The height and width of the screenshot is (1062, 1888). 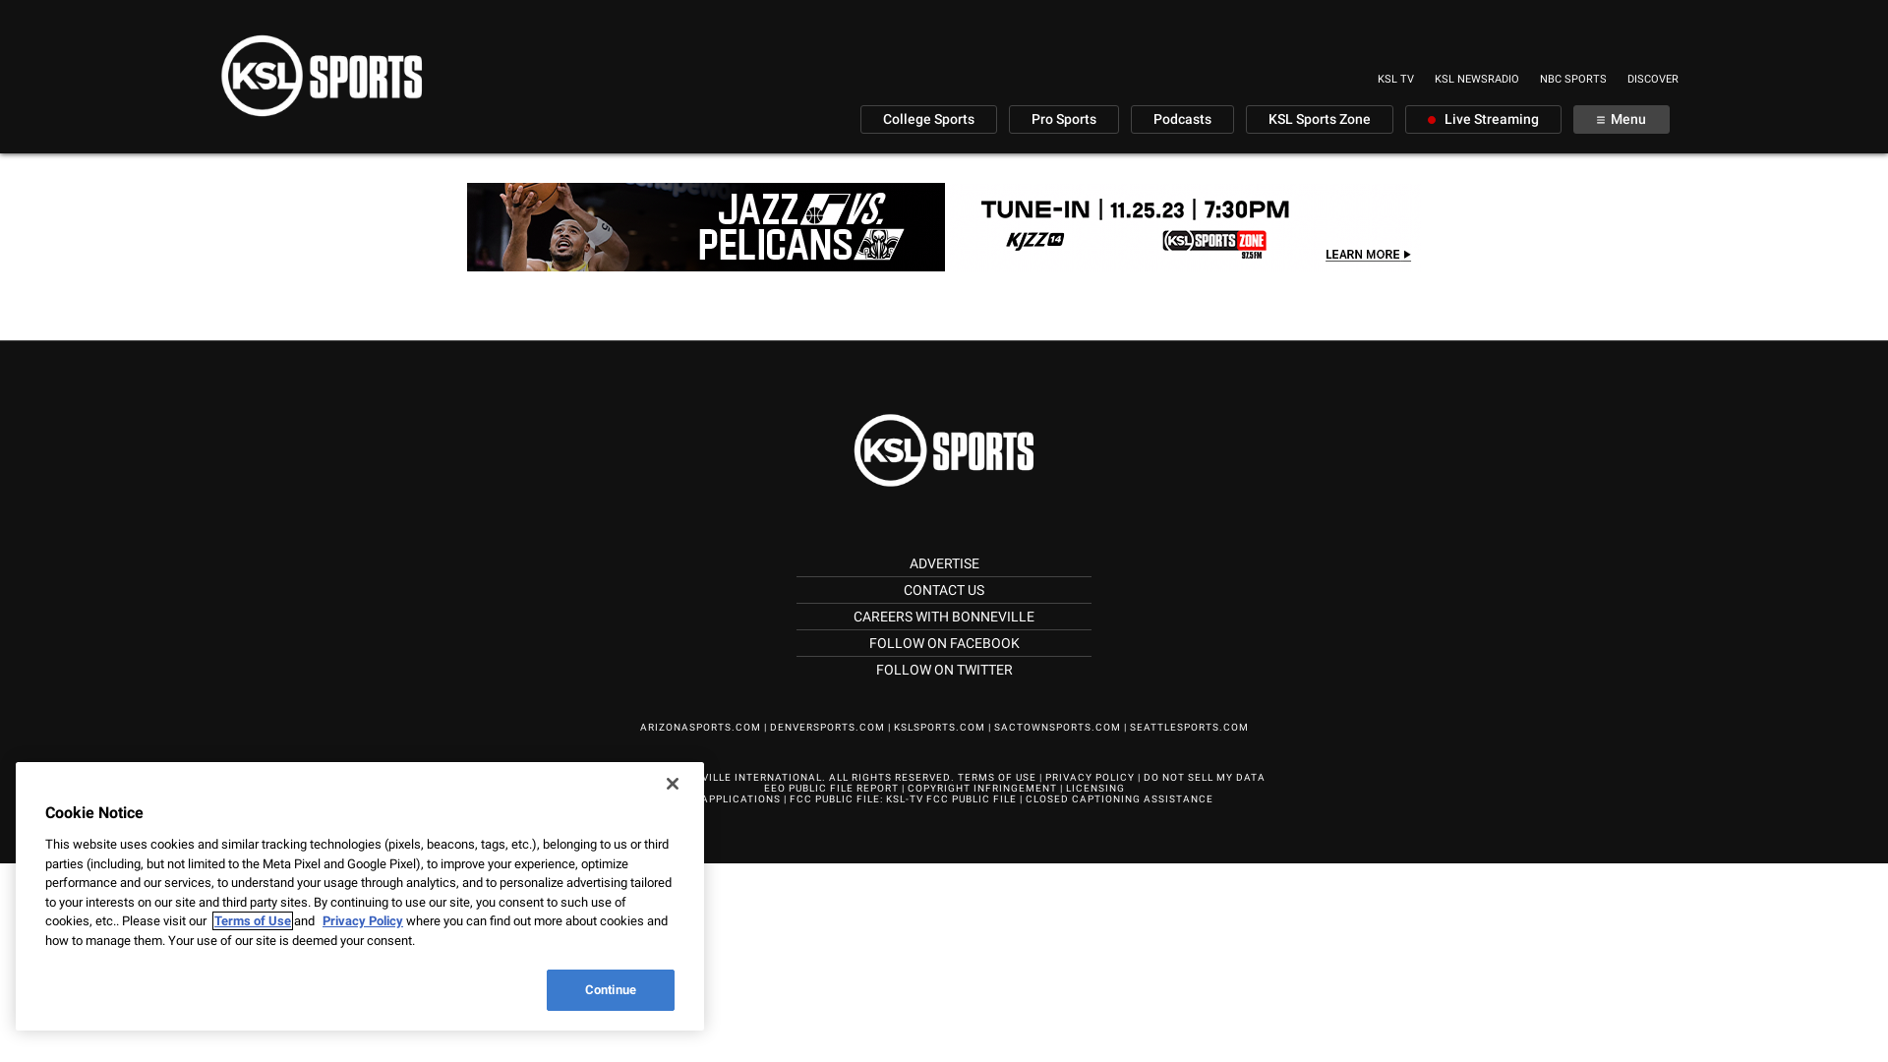 What do you see at coordinates (1477, 78) in the screenshot?
I see `'KSL NEWSRADIO'` at bounding box center [1477, 78].